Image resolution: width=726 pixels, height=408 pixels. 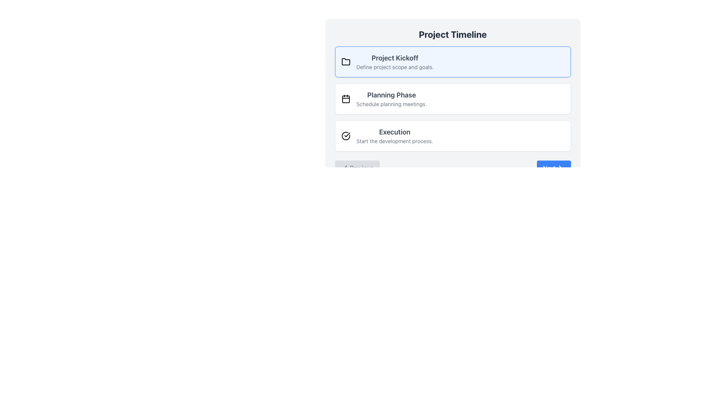 I want to click on the icon indicating 'Execution' which is positioned to the left of the heading within the third item of the 'Project Timeline' interface, so click(x=345, y=135).